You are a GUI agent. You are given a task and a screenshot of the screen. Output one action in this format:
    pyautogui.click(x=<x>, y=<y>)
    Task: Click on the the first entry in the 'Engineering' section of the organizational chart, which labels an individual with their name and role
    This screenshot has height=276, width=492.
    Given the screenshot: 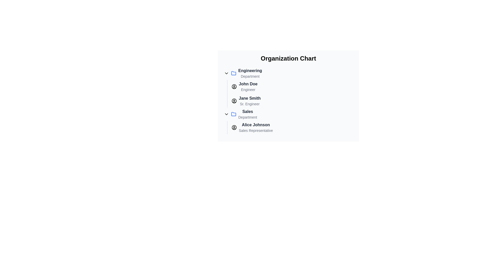 What is the action you would take?
    pyautogui.click(x=248, y=86)
    